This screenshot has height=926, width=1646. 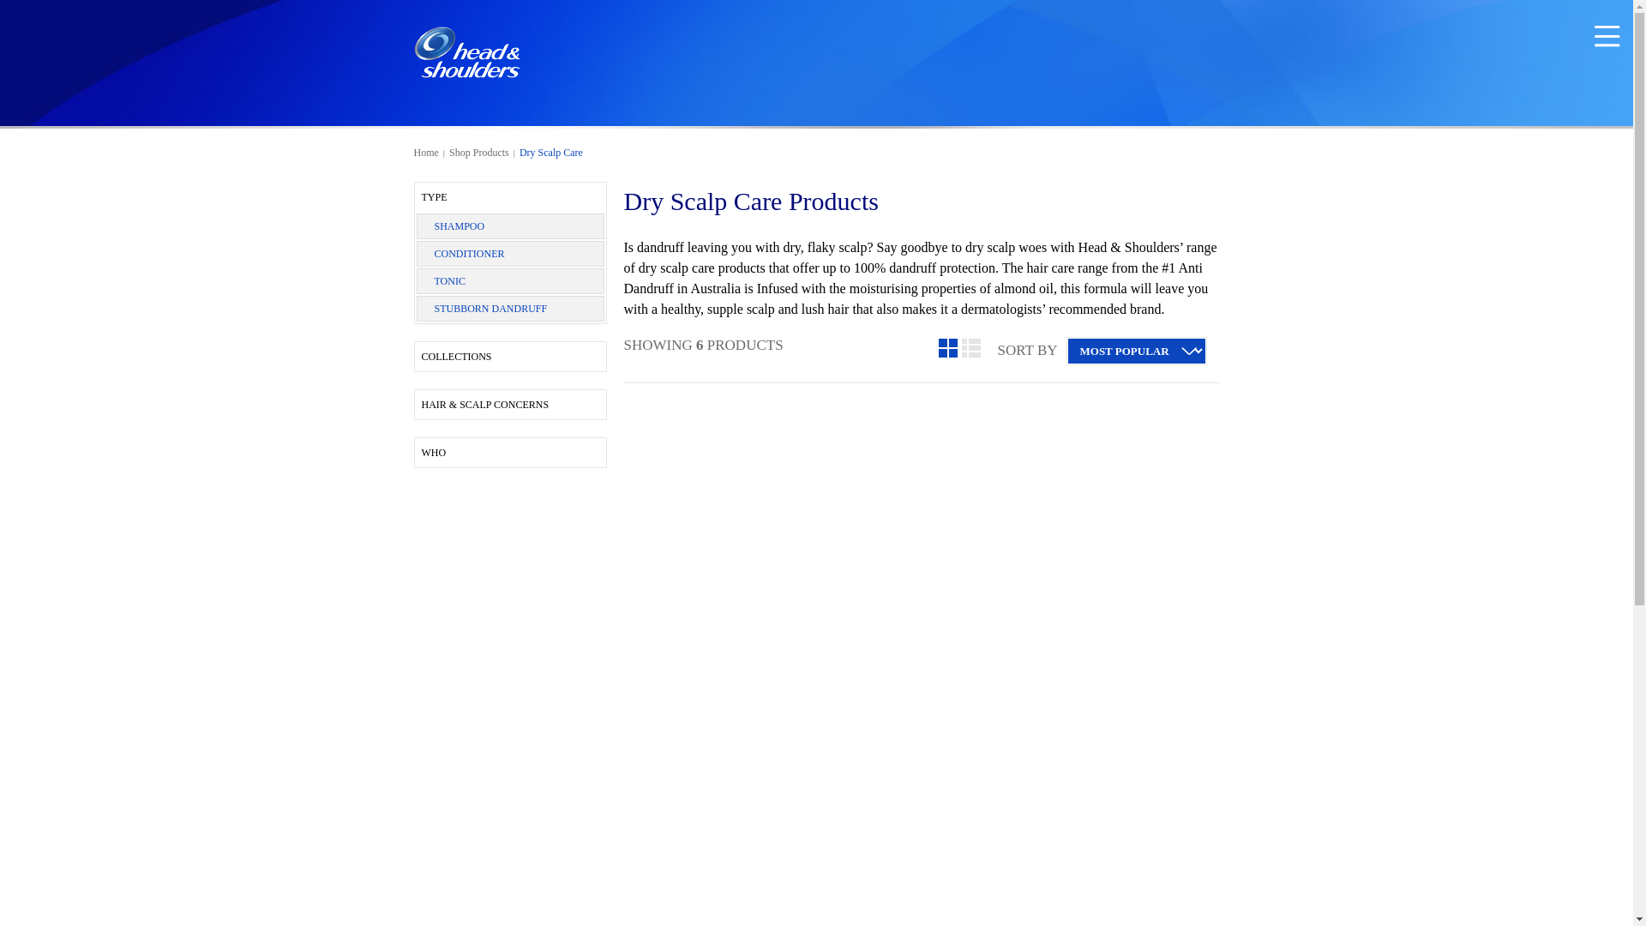 What do you see at coordinates (425, 151) in the screenshot?
I see `'Home'` at bounding box center [425, 151].